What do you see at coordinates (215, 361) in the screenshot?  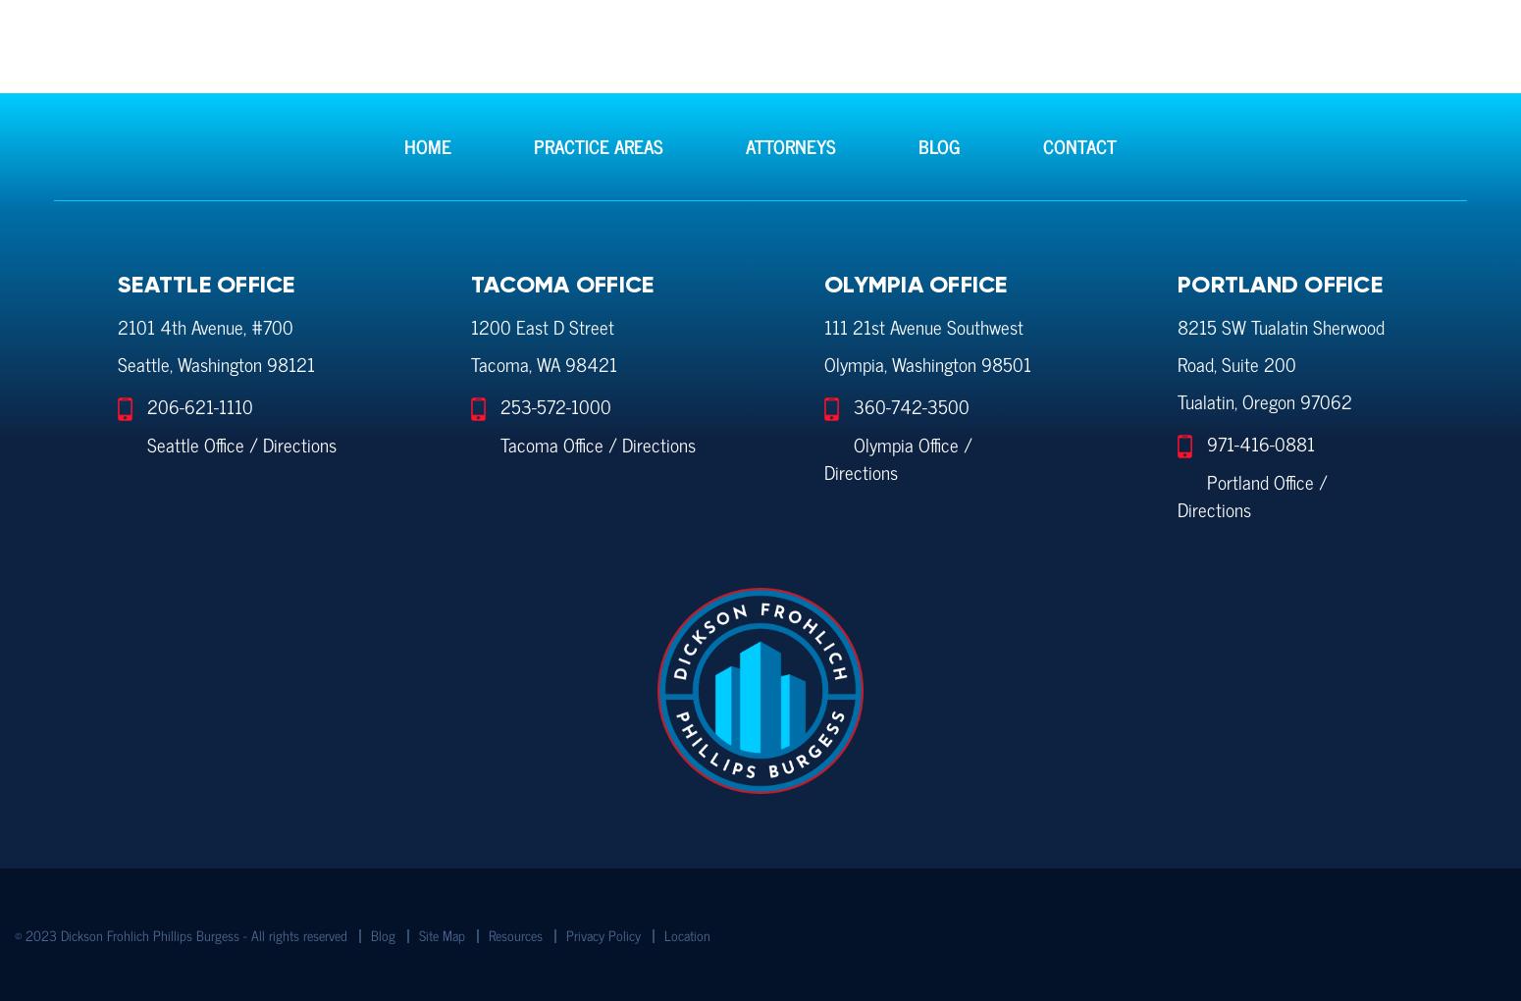 I see `'Seattle, Washington 98121'` at bounding box center [215, 361].